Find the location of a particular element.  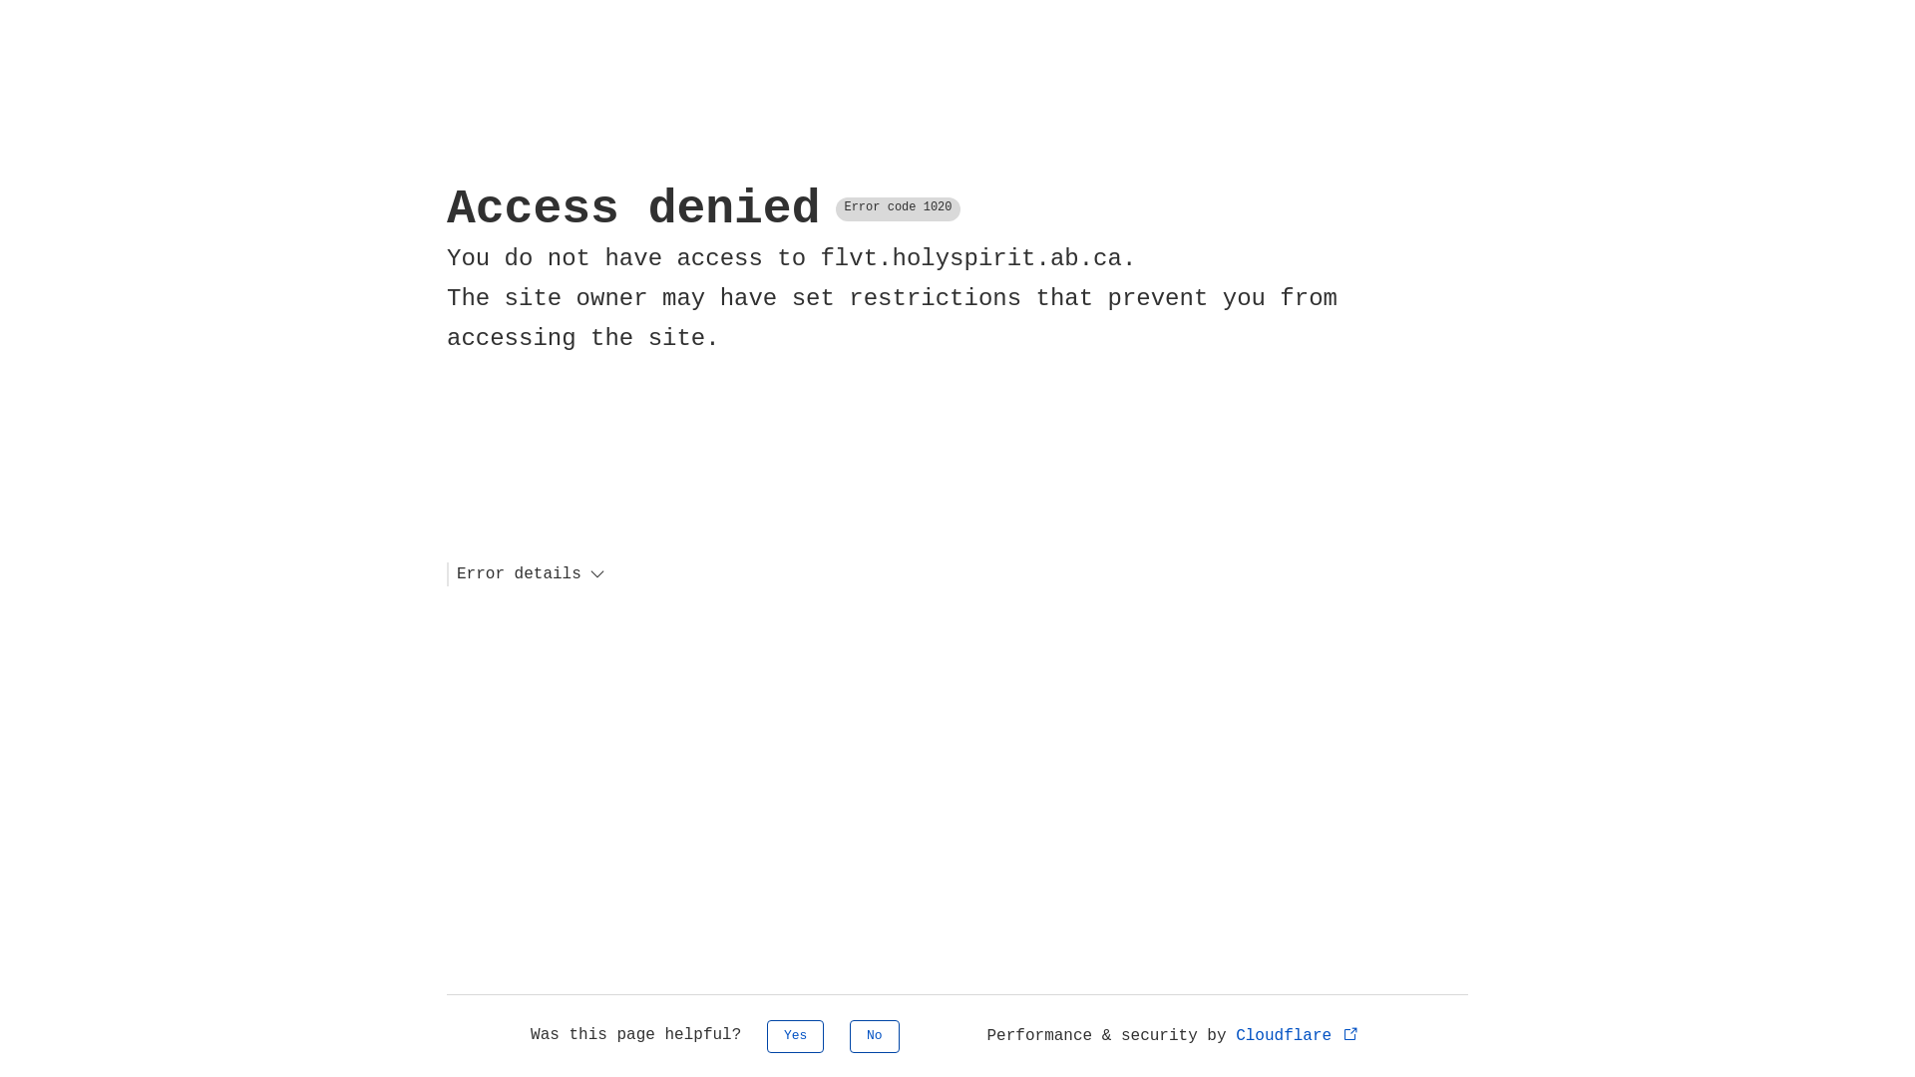

'Cloudflare' is located at coordinates (1234, 1034).